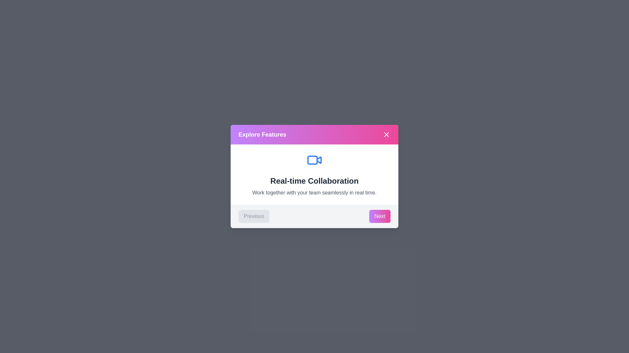  Describe the element at coordinates (387, 134) in the screenshot. I see `the decorative cross icon at the top-right of the dialog` at that location.